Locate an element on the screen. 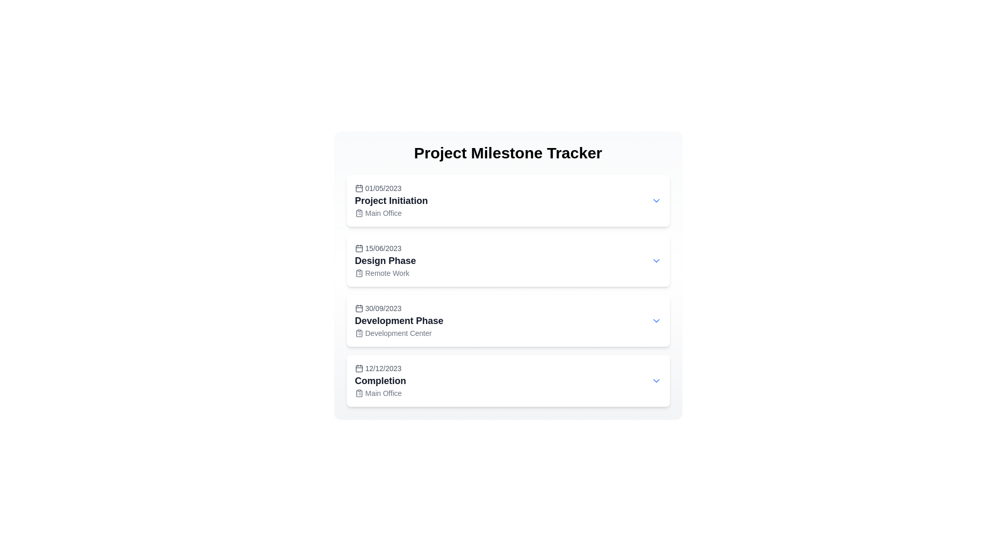 The height and width of the screenshot is (559, 994). date displayed in the text label that shows '12/12/2023' next to a calendar icon in the Completion card is located at coordinates (379, 368).